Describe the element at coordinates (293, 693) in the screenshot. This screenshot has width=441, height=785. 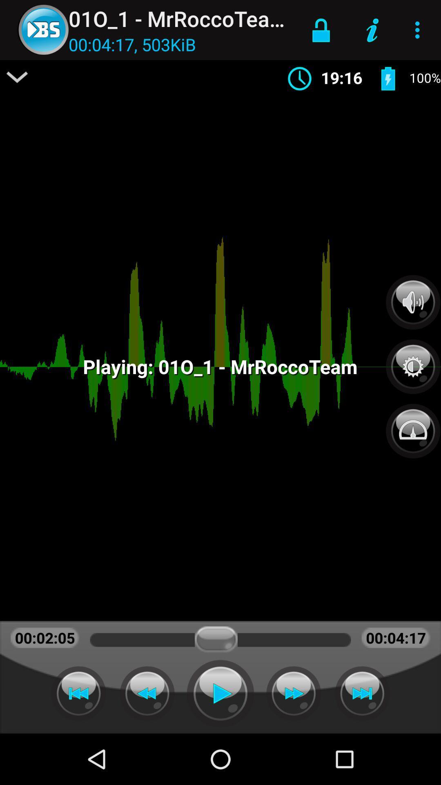
I see `fast forward` at that location.